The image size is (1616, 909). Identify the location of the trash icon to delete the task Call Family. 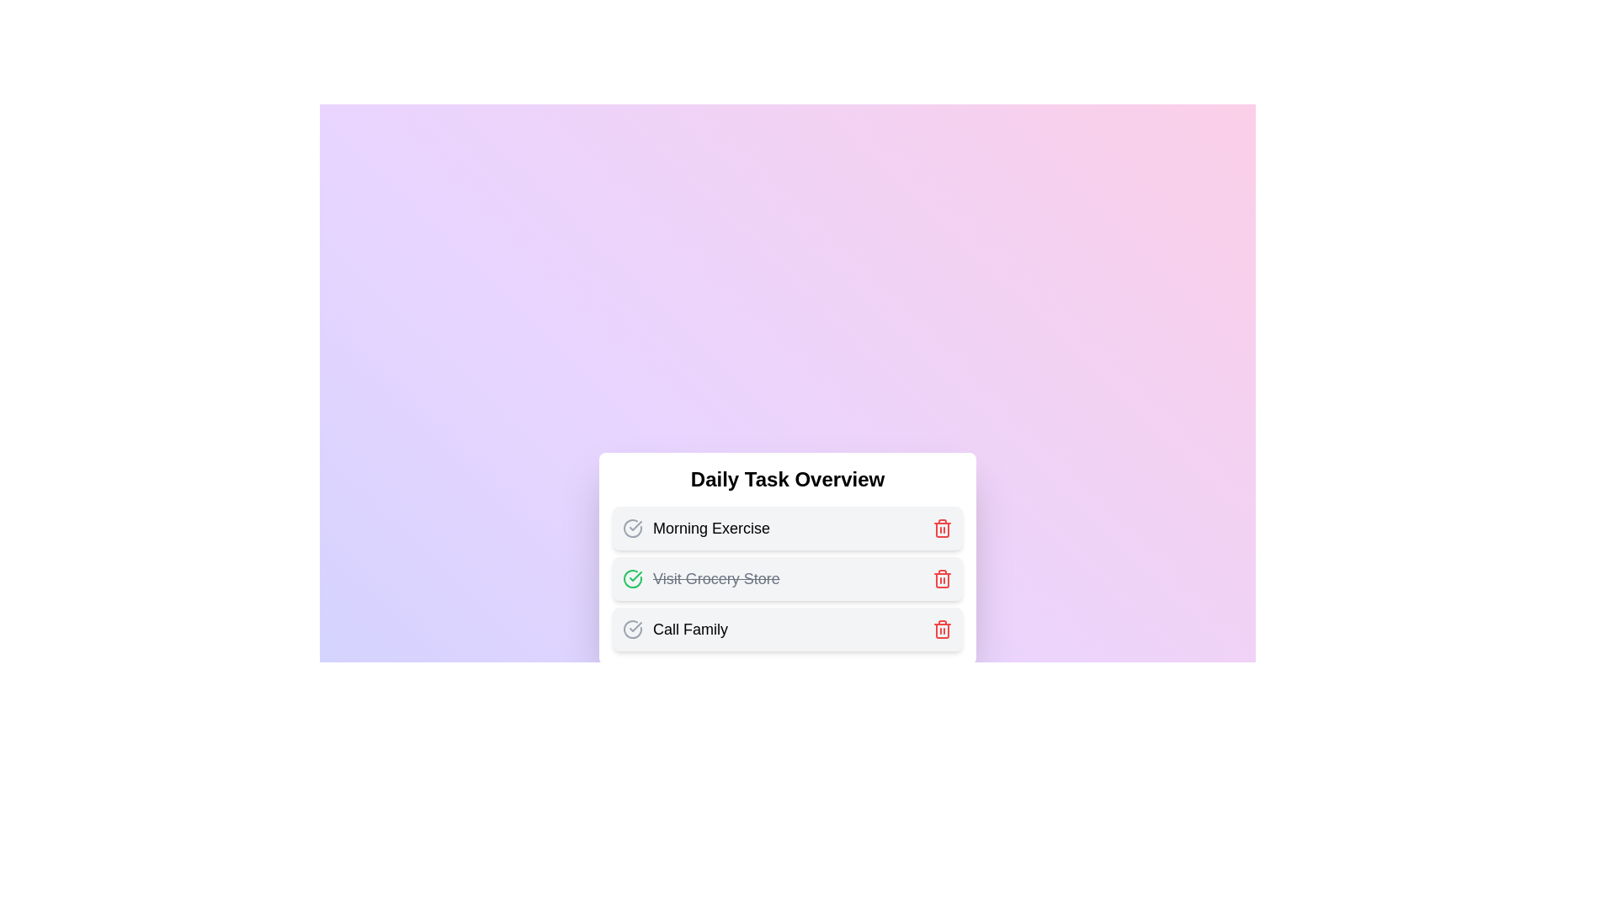
(941, 630).